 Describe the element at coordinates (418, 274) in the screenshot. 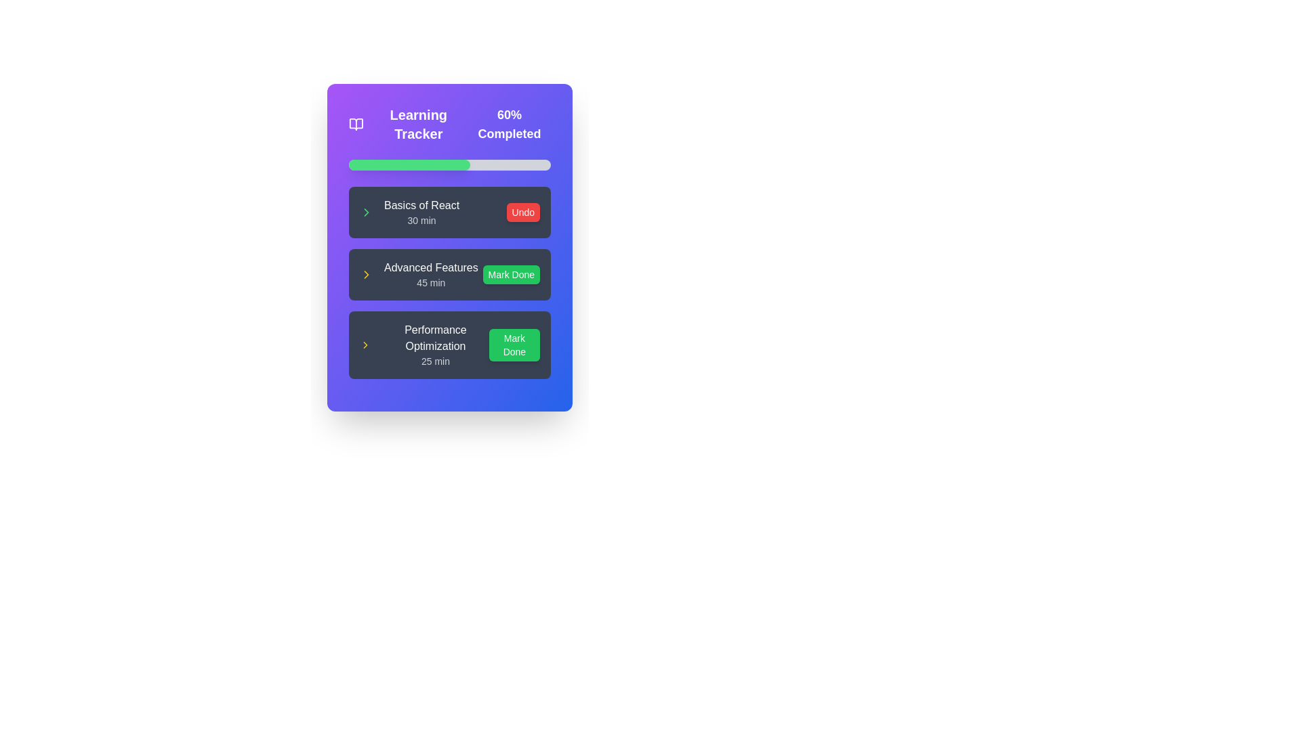

I see `the 'Advanced Features' list item which includes a left-pointing yellow arrow icon, larger white header text, and smaller gray subtext, located between 'Basics of React' and 'Performance Optimization'` at that location.